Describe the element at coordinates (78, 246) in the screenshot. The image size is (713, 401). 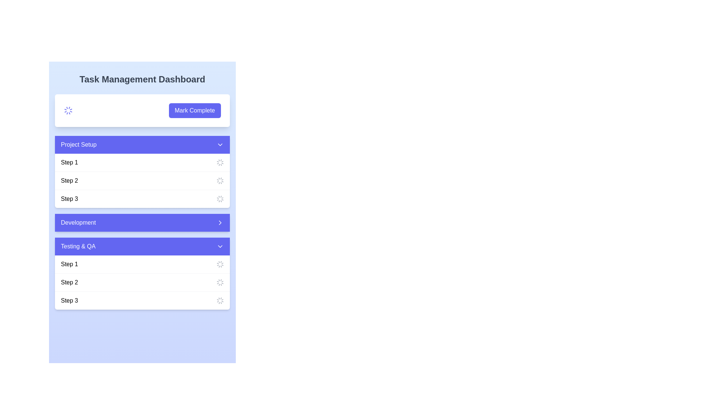
I see `the static text label for 'Testing & QA', which is part of the collapsible menu under 'Development' in the left pane` at that location.